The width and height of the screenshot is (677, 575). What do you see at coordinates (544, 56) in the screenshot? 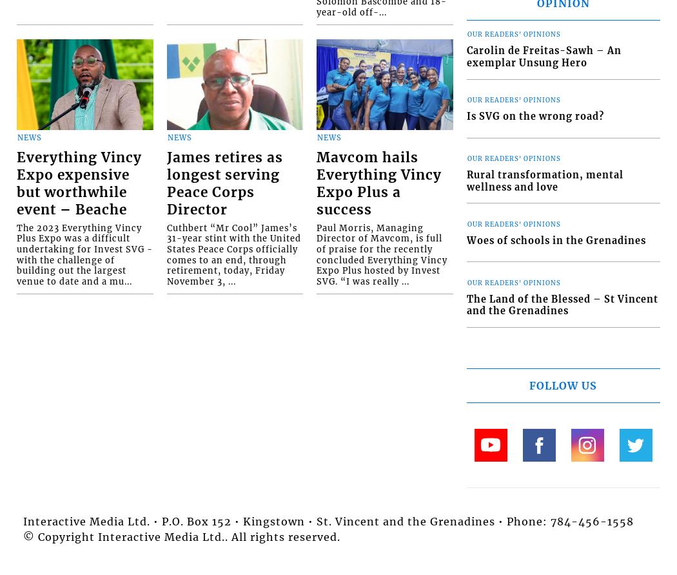
I see `'Carolin de Freitas-Sawh – An exemplar Unsung Hero'` at bounding box center [544, 56].